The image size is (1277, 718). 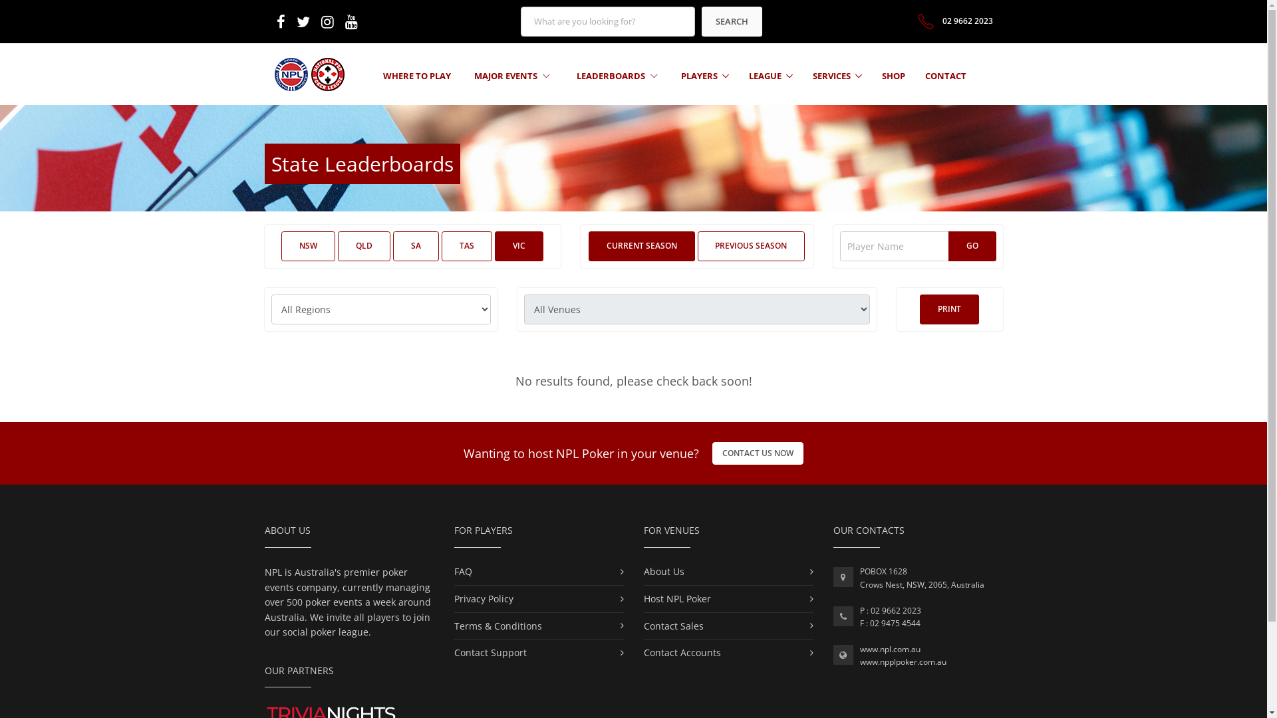 What do you see at coordinates (489, 652) in the screenshot?
I see `'Contact Support'` at bounding box center [489, 652].